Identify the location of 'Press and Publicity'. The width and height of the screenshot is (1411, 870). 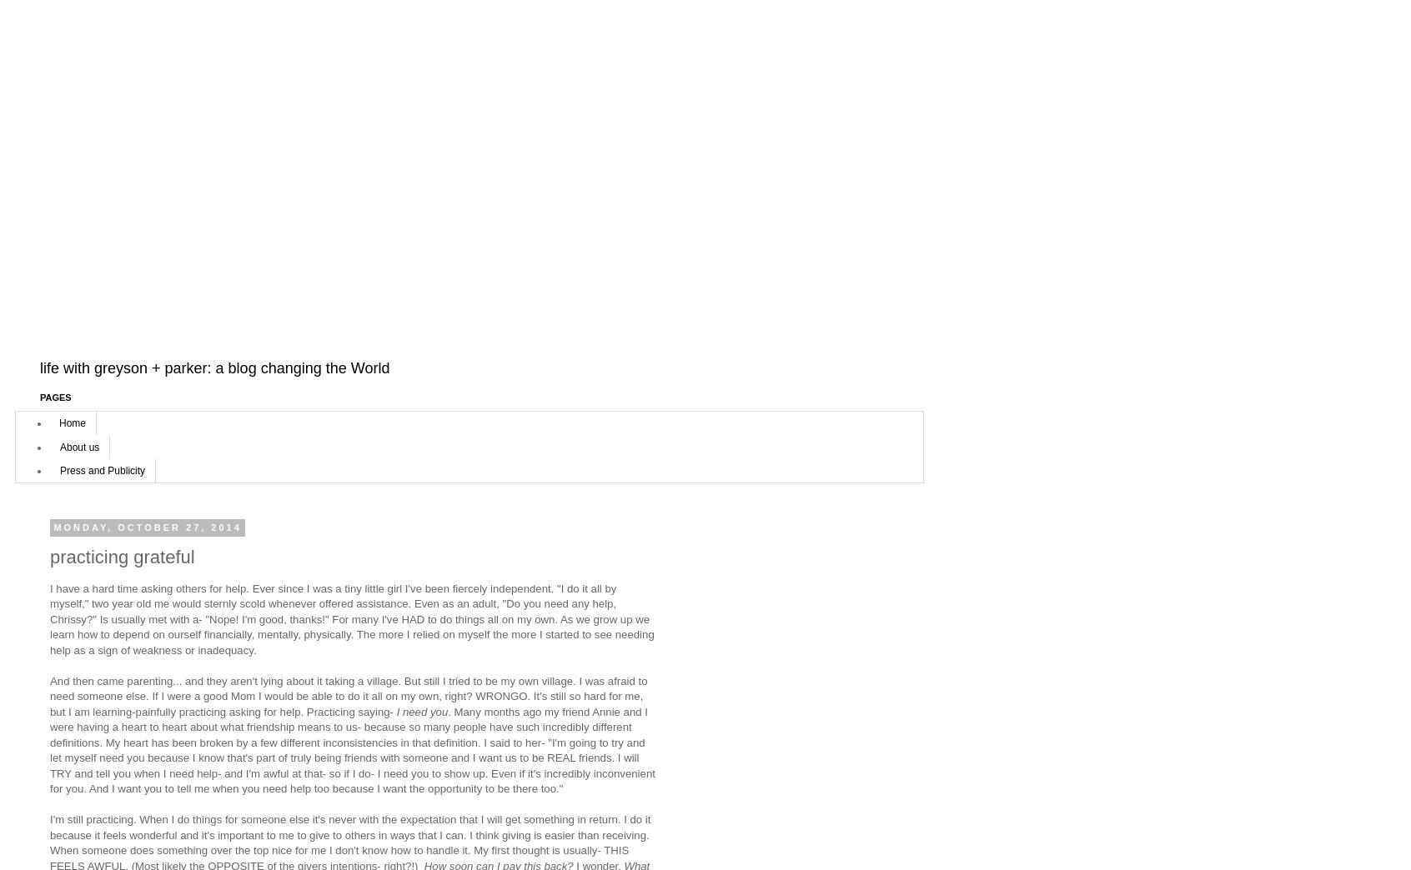
(103, 468).